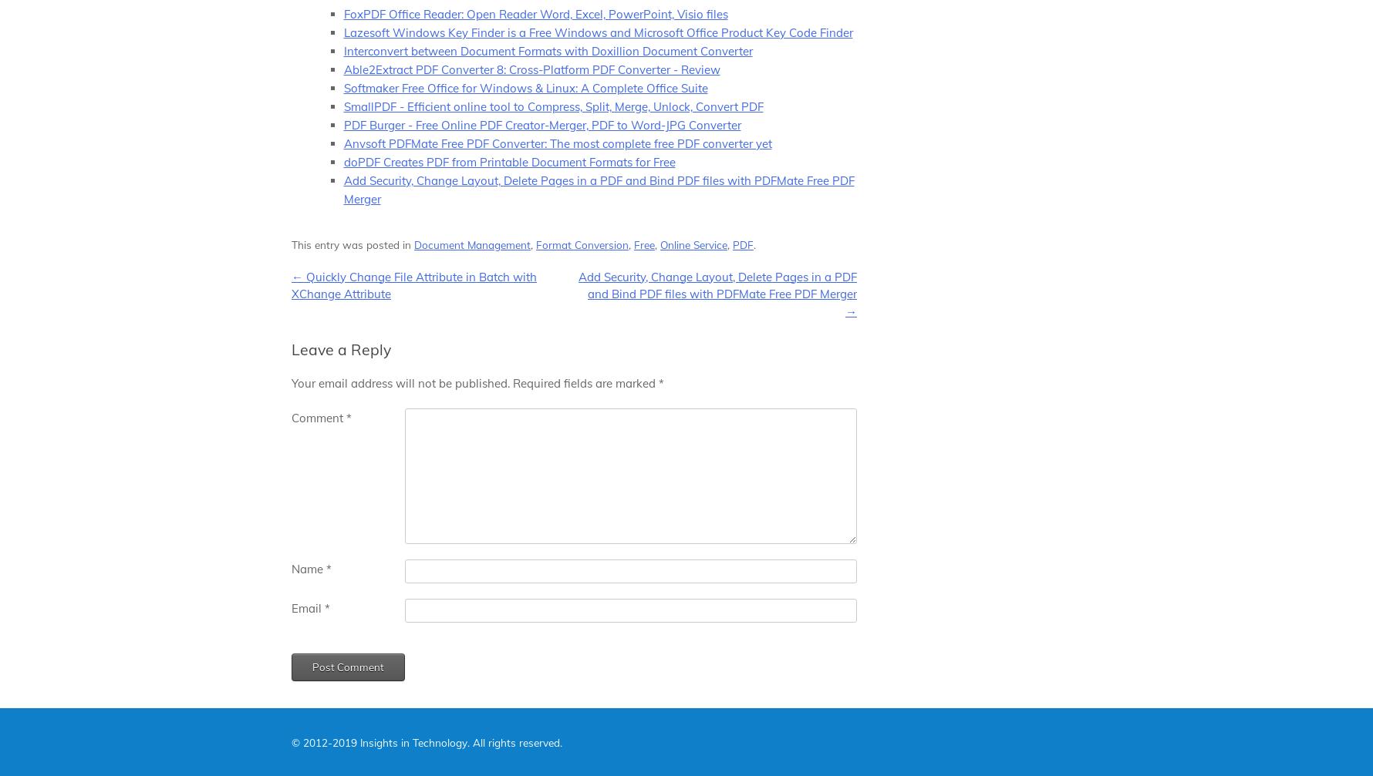 This screenshot has width=1373, height=776. I want to click on 'Softmaker Free Office for Windows & Linux: A Complete Office Suite', so click(525, 87).